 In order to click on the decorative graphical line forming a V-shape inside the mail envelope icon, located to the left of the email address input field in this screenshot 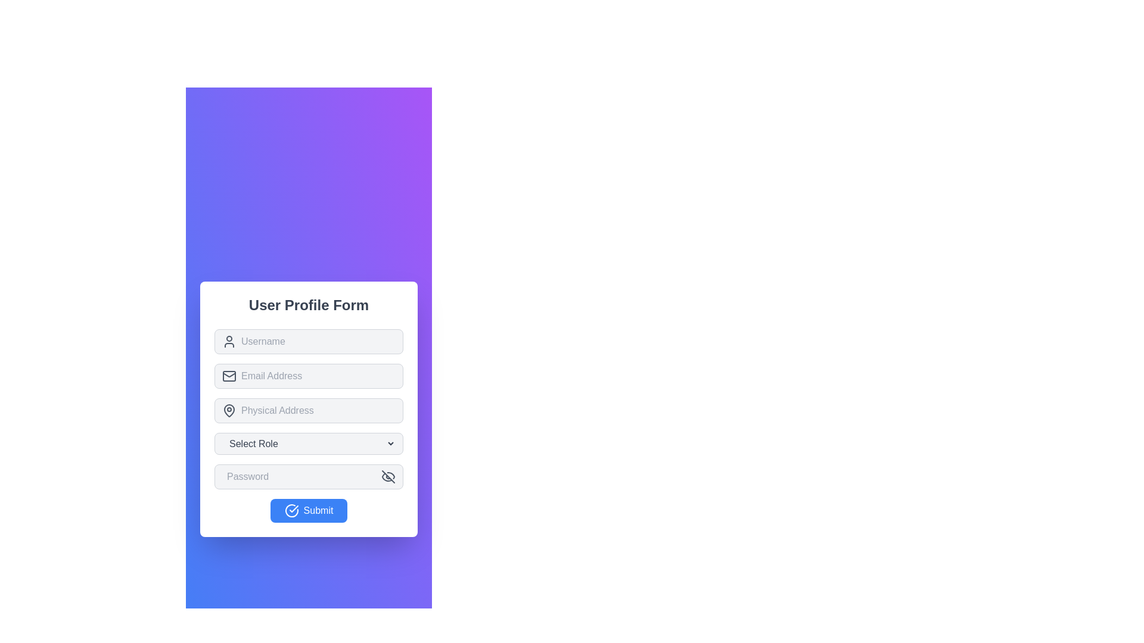, I will do `click(229, 373)`.